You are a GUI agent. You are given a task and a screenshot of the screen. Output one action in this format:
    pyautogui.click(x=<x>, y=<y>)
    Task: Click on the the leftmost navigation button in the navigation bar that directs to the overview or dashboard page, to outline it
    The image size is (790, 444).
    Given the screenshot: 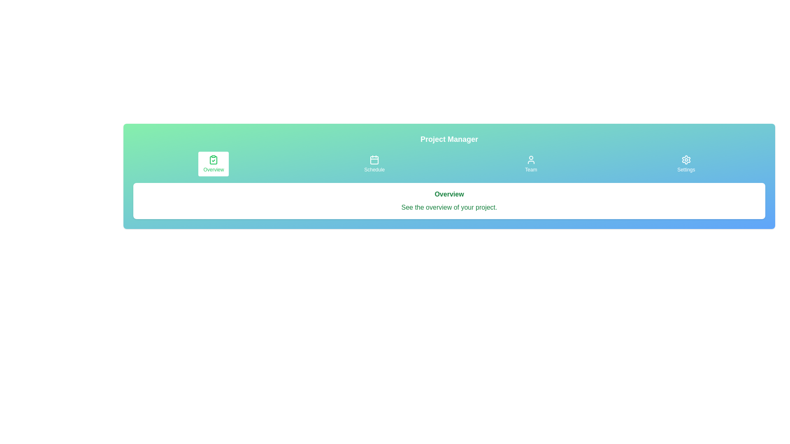 What is the action you would take?
    pyautogui.click(x=214, y=164)
    